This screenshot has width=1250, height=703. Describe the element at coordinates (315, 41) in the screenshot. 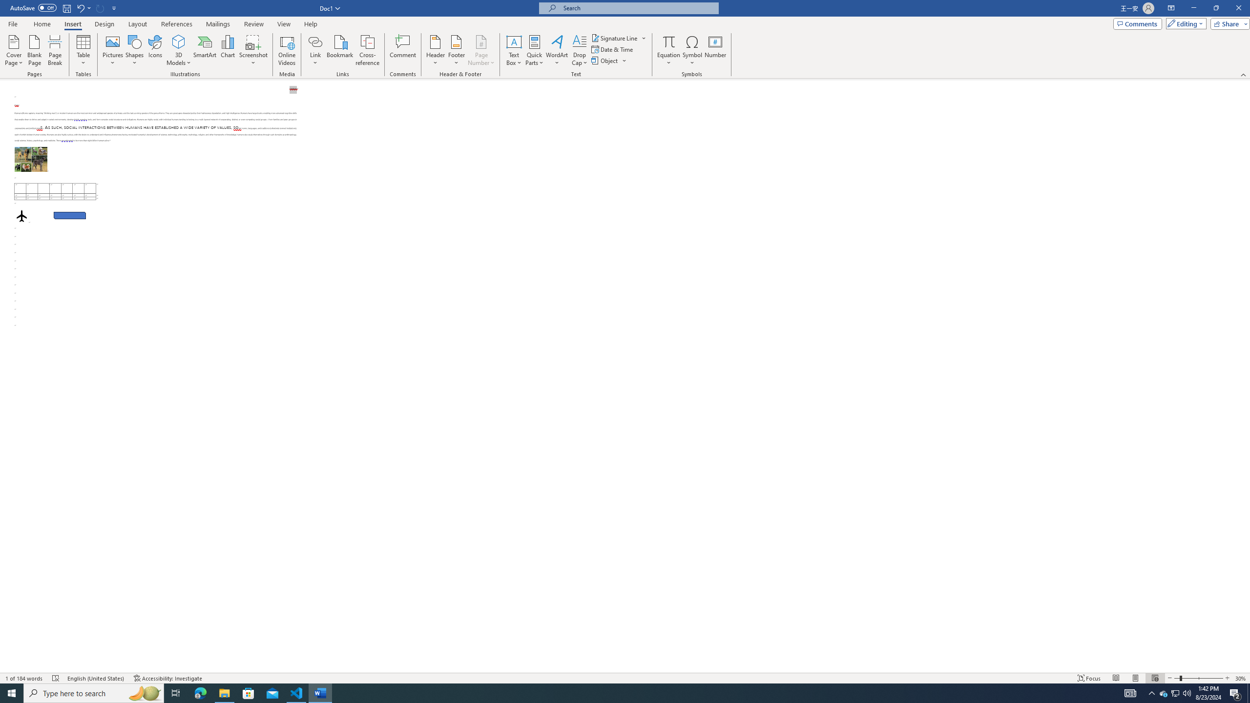

I see `'Link'` at that location.